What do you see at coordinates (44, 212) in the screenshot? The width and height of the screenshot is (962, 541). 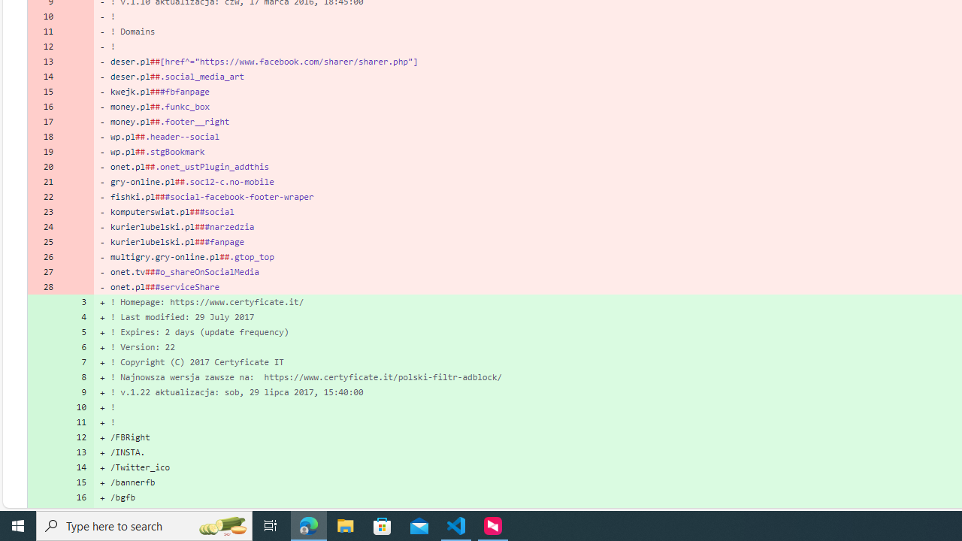 I see `'23'` at bounding box center [44, 212].